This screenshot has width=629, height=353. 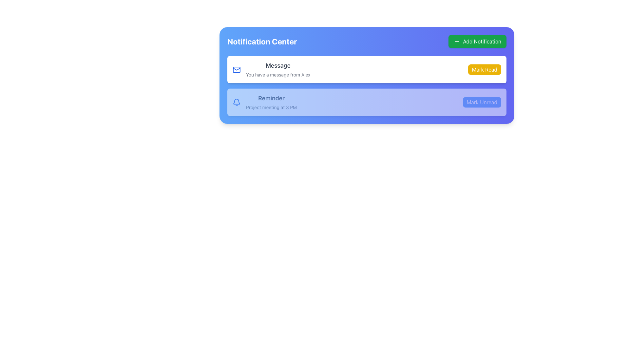 What do you see at coordinates (271, 102) in the screenshot?
I see `text content of the 'Reminder' notification which displays 'Reminder' in bold and 'Project meeting at 3 PM' below it` at bounding box center [271, 102].